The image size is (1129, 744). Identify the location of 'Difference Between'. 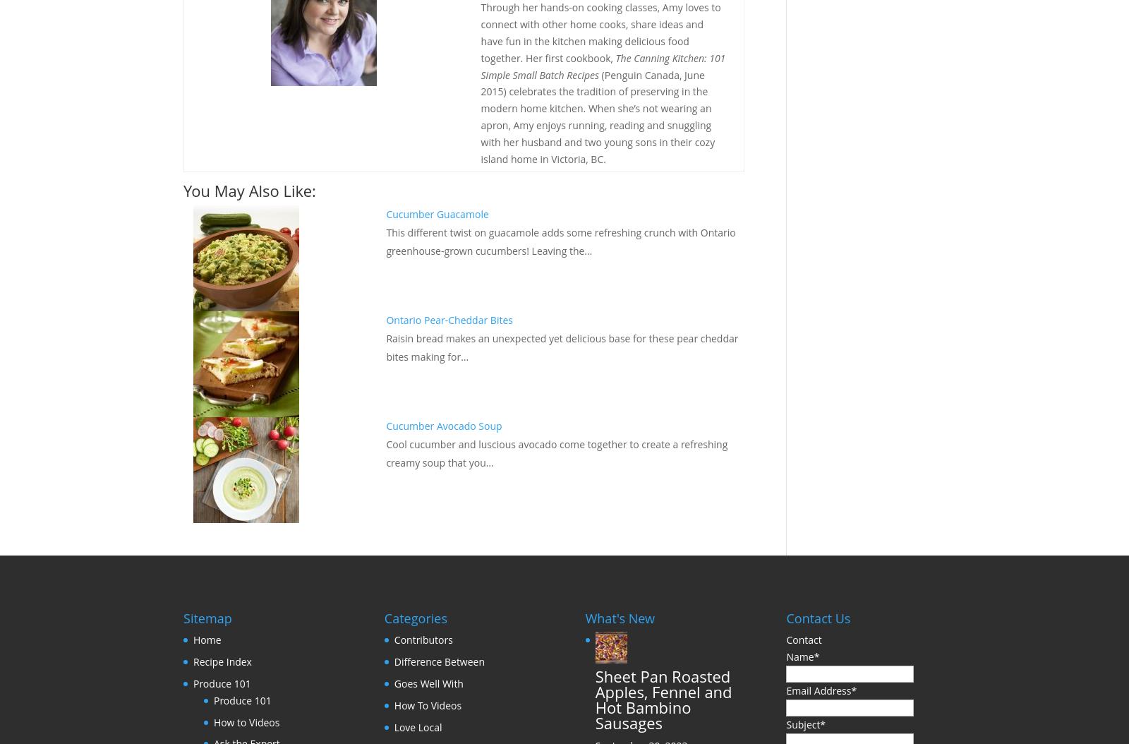
(393, 661).